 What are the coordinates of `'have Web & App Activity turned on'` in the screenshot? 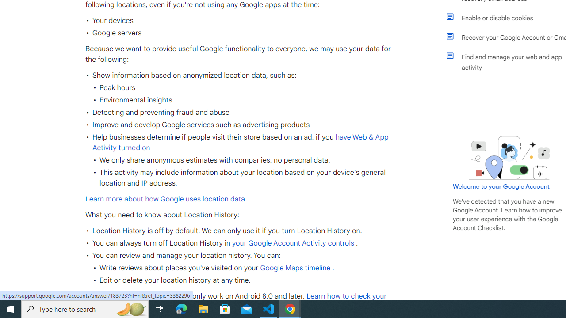 It's located at (241, 142).